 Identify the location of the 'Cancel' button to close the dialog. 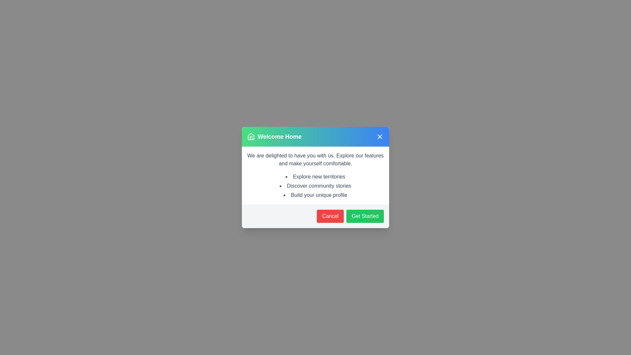
(330, 216).